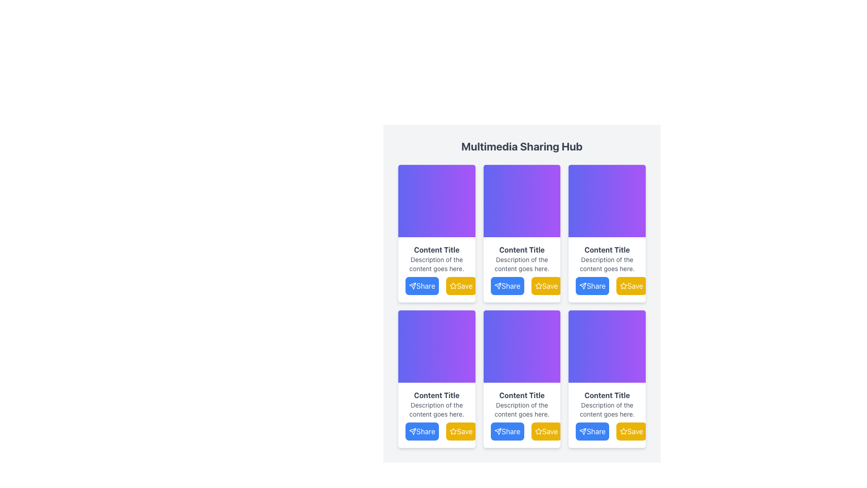 This screenshot has height=488, width=867. Describe the element at coordinates (623, 431) in the screenshot. I see `the star icon located within the 'Save' button of the fourth card in the second row of a grid view, positioned to the left of the word 'Save'` at that location.